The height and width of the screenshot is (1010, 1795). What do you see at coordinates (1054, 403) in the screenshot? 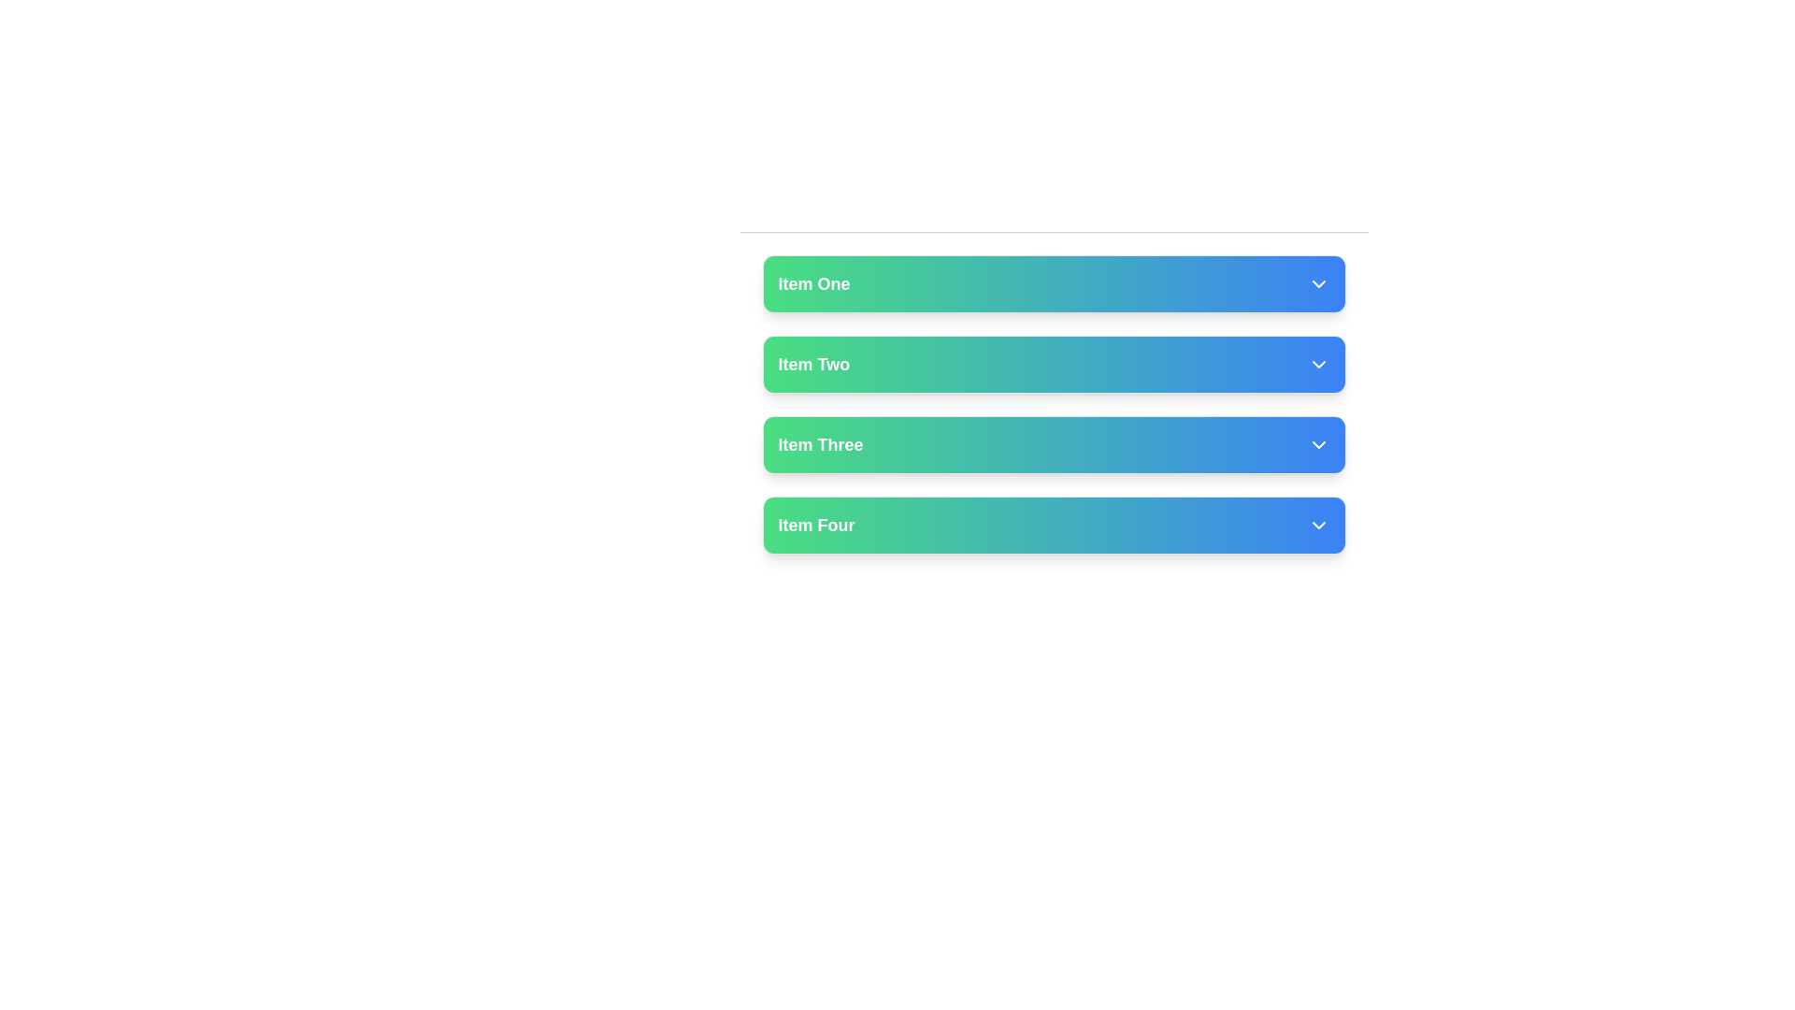
I see `the second item in the dropdown menu` at bounding box center [1054, 403].